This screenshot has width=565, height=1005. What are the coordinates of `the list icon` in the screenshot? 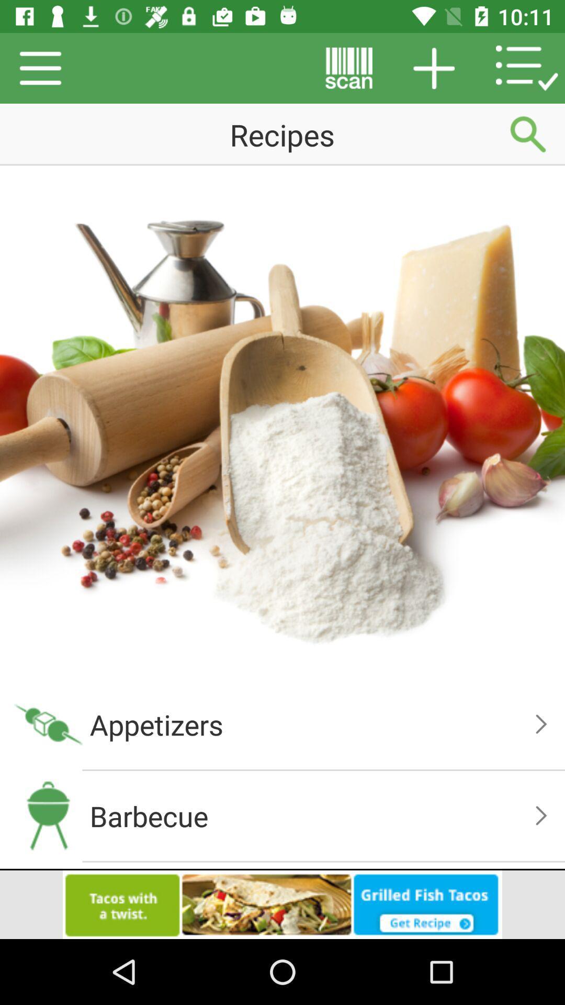 It's located at (527, 68).